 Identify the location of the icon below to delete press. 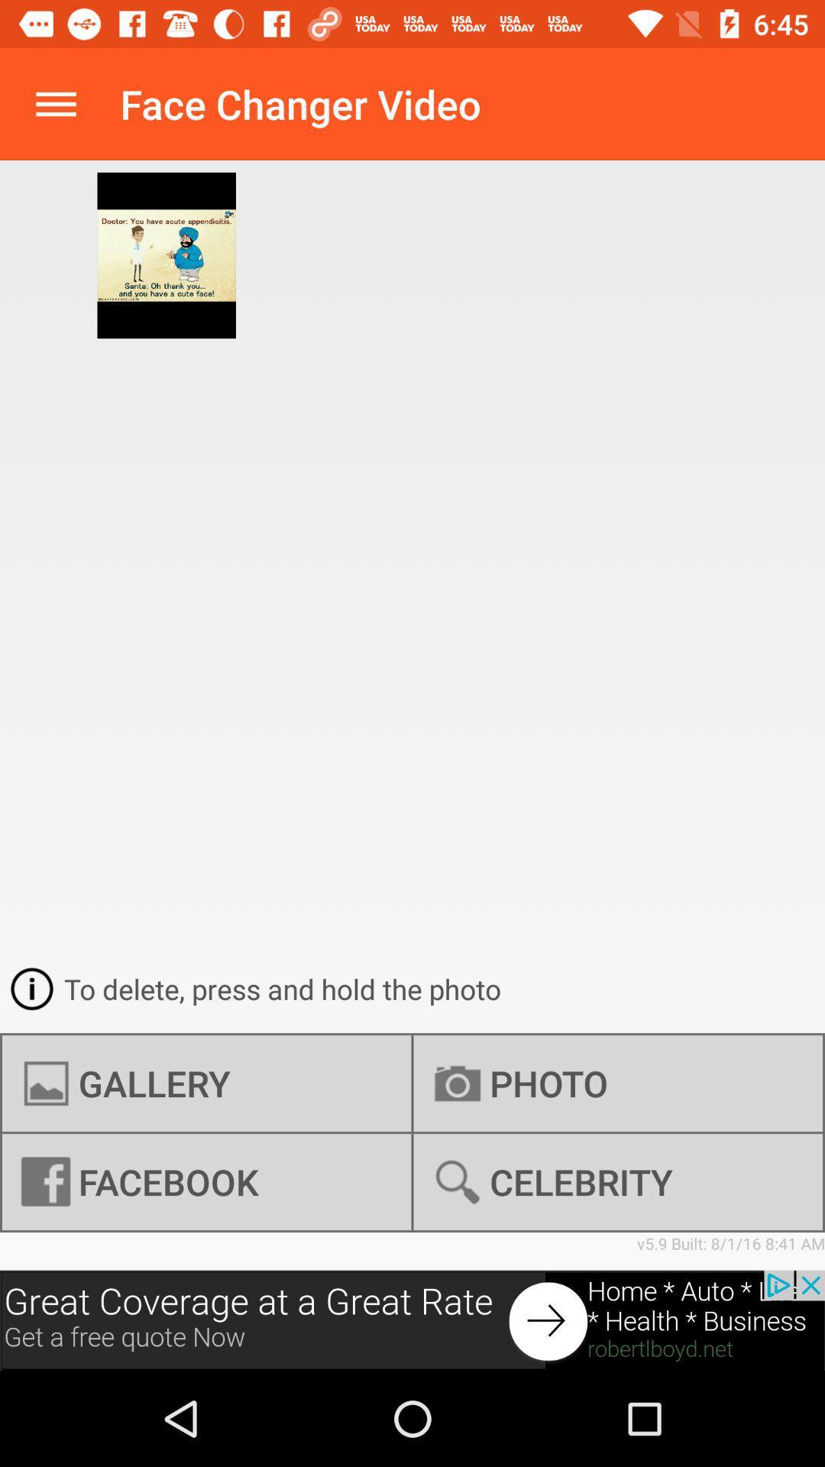
(206, 1083).